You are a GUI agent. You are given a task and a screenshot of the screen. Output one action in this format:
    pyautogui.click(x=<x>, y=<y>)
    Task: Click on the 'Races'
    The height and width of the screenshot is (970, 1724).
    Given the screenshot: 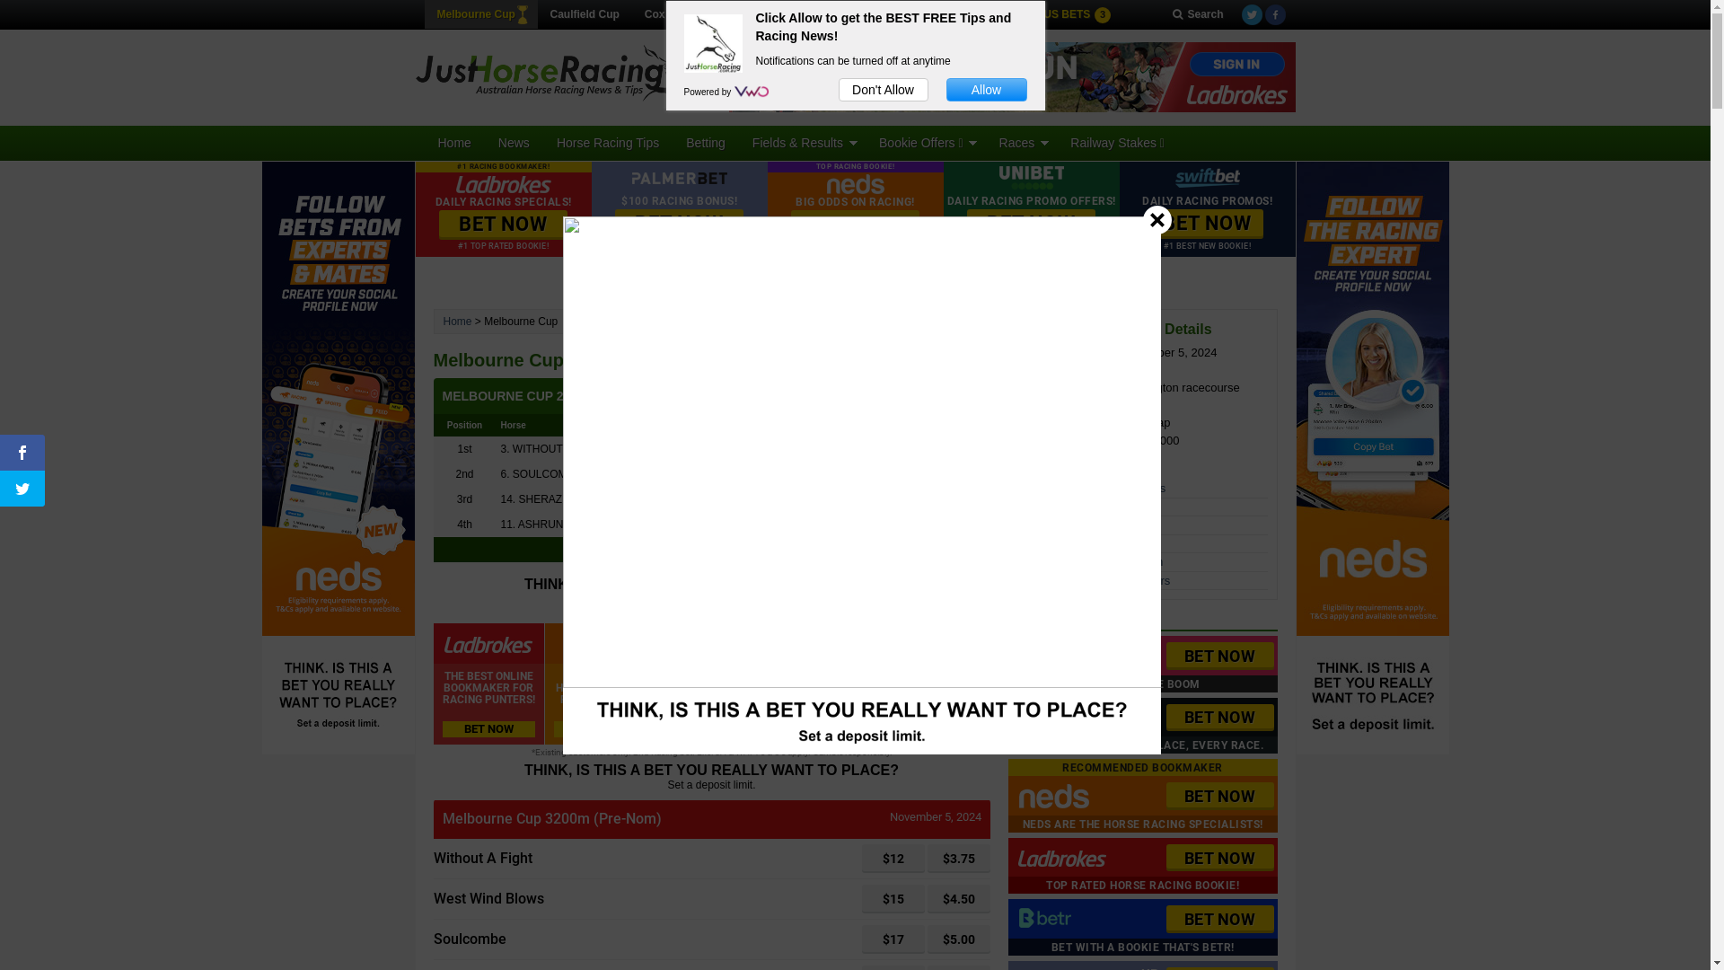 What is the action you would take?
    pyautogui.click(x=1021, y=141)
    